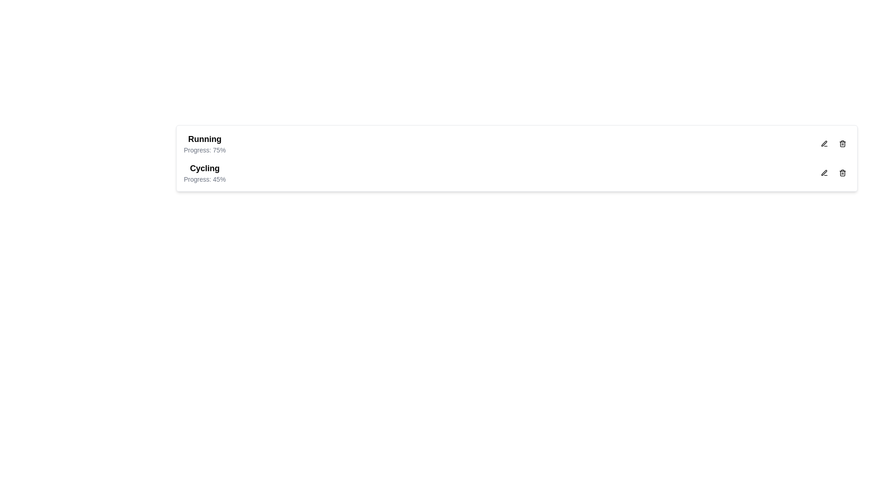  I want to click on text from the first element in the vertically arranged list that displays the status 'Running' and its associated progress percentage, which is aligned to the left and positioned above the 'Cycling' element, so click(204, 144).